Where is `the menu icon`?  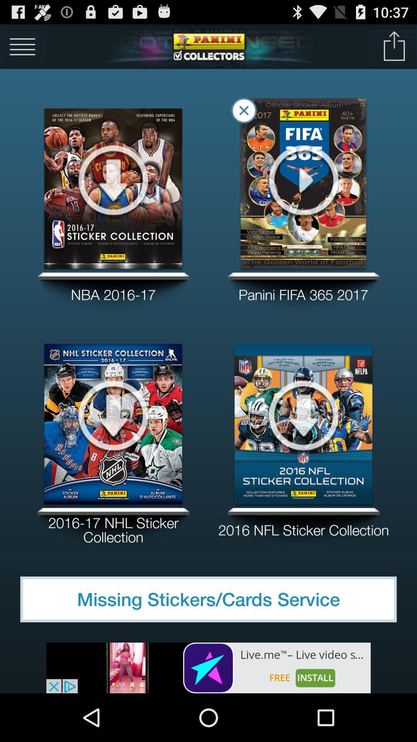 the menu icon is located at coordinates (22, 49).